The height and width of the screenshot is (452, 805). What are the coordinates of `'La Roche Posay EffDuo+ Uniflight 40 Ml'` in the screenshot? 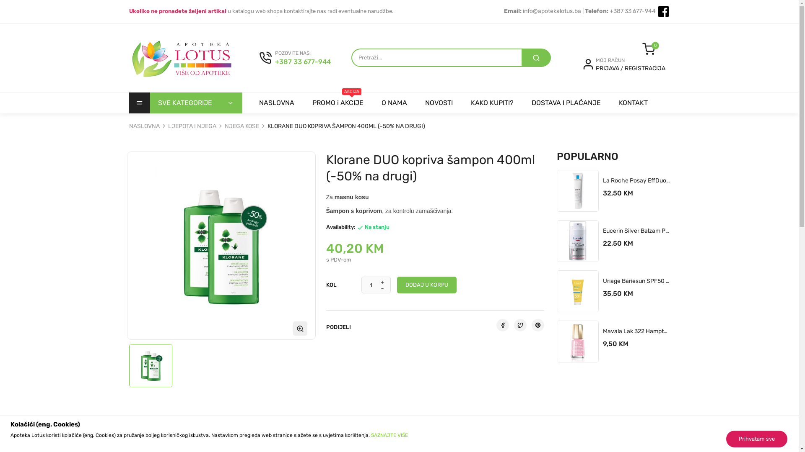 It's located at (602, 180).